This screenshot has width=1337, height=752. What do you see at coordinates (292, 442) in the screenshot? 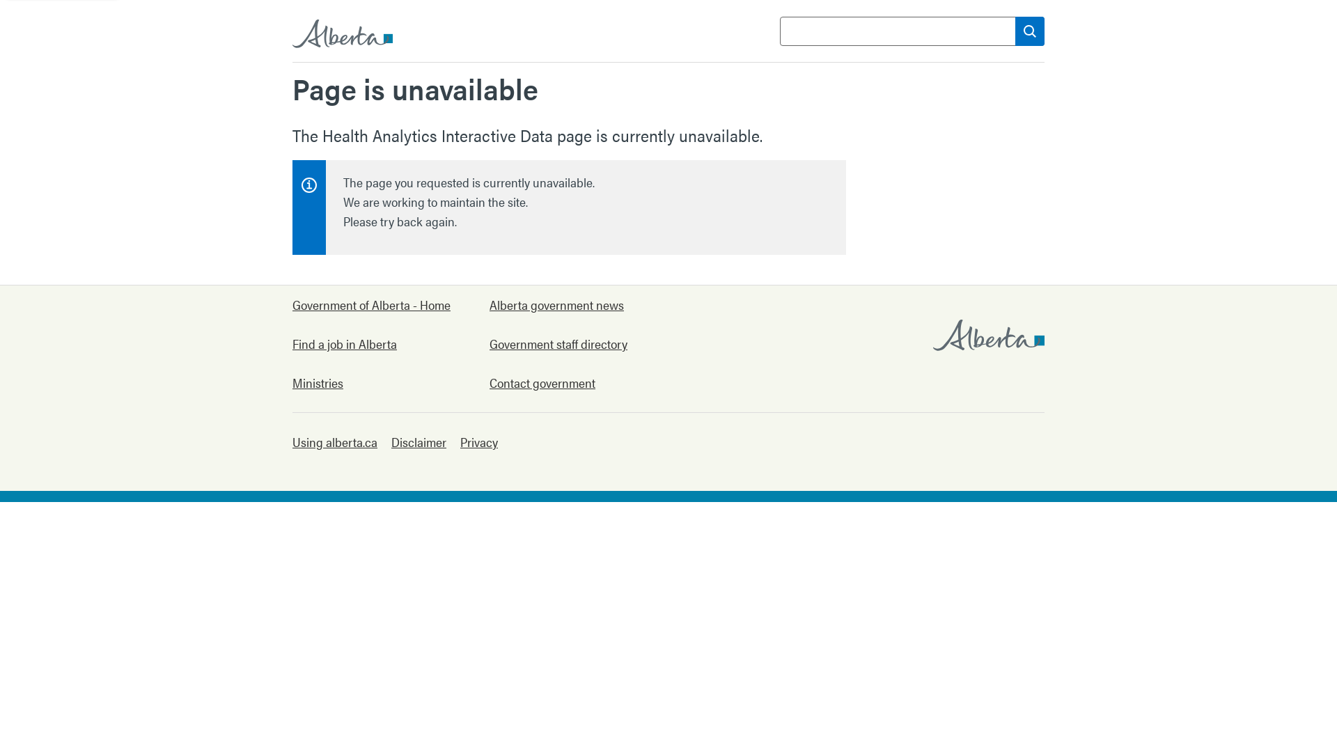
I see `'Using alberta.ca'` at bounding box center [292, 442].